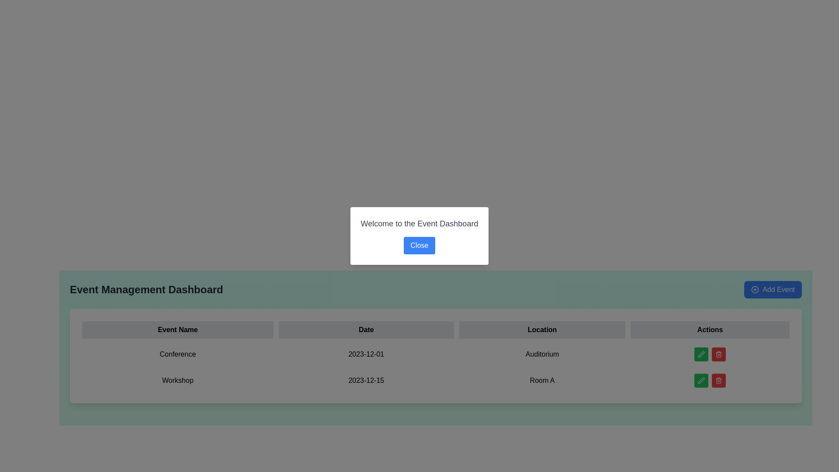 This screenshot has height=472, width=839. What do you see at coordinates (719, 380) in the screenshot?
I see `the delete button located in the 'Actions' column of the second row of the event entry table` at bounding box center [719, 380].